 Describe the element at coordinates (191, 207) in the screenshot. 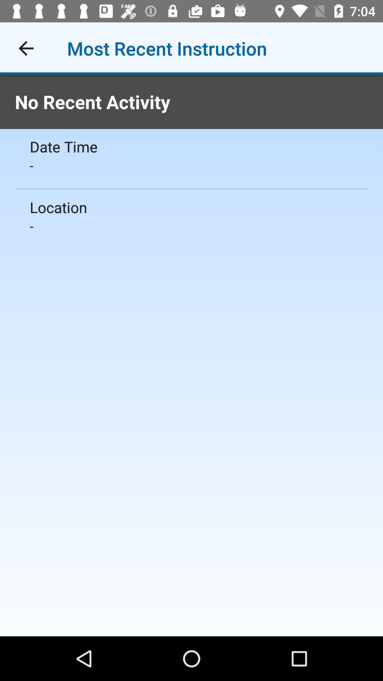

I see `the icon above - item` at that location.